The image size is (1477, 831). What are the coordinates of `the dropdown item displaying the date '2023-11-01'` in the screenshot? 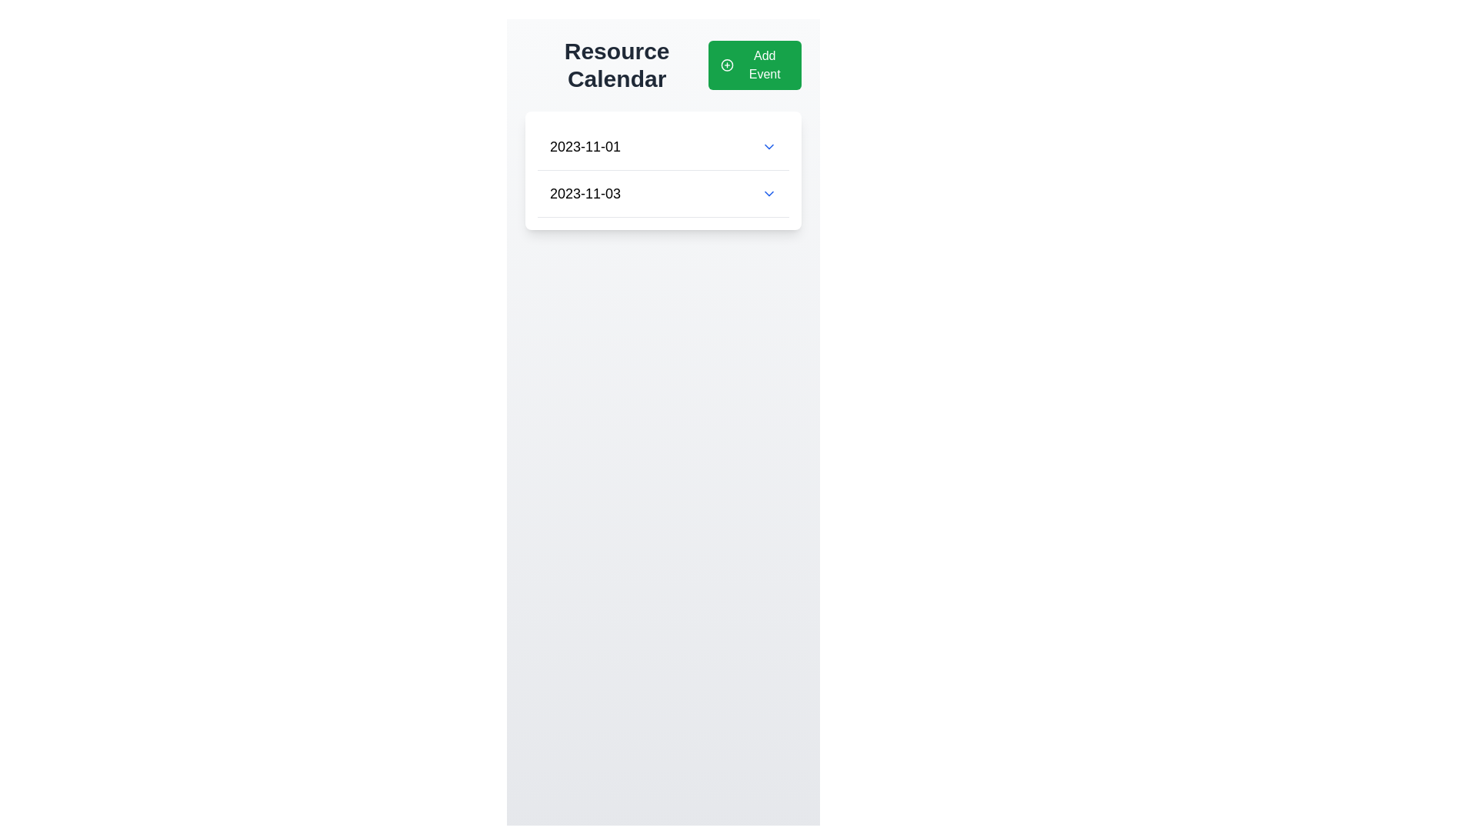 It's located at (663, 147).